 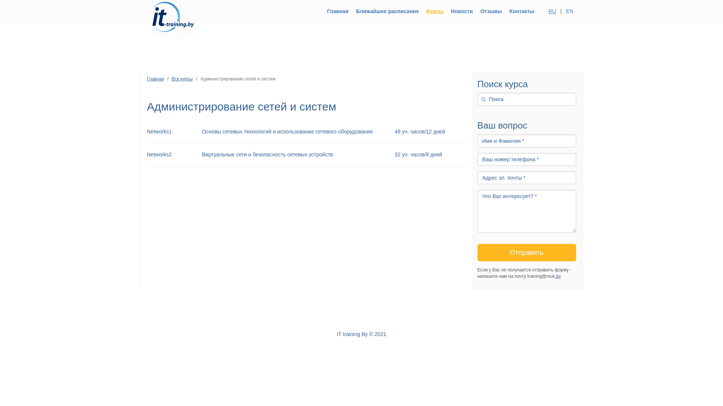 What do you see at coordinates (555, 276) in the screenshot?
I see `'.by'` at bounding box center [555, 276].